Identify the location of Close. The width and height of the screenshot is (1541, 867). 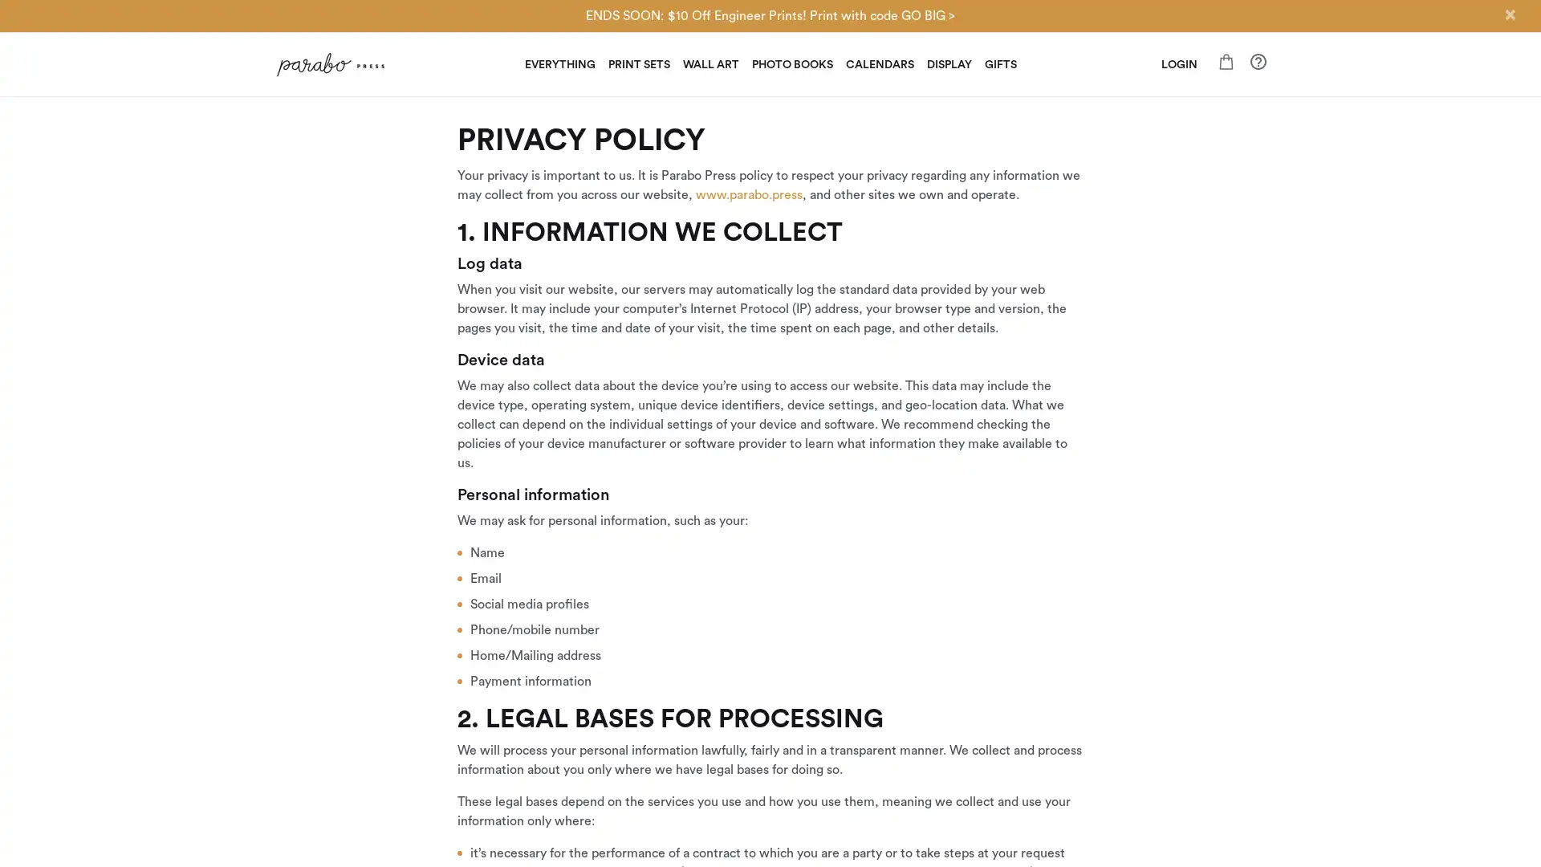
(1509, 14).